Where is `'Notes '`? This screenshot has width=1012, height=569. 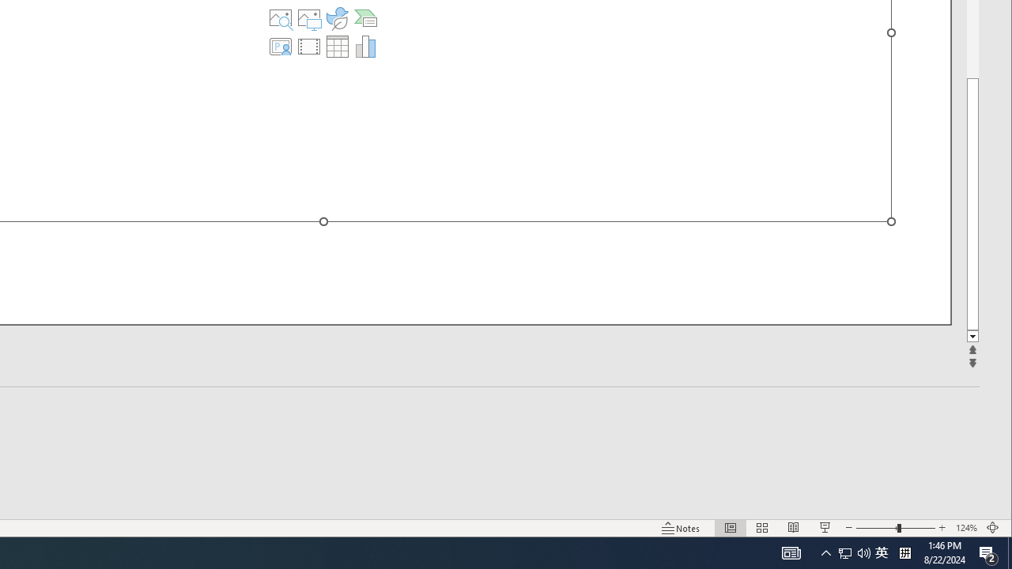
'Notes ' is located at coordinates (681, 528).